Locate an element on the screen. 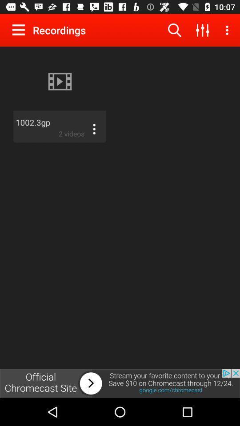 This screenshot has height=426, width=240. menu is located at coordinates (93, 128).